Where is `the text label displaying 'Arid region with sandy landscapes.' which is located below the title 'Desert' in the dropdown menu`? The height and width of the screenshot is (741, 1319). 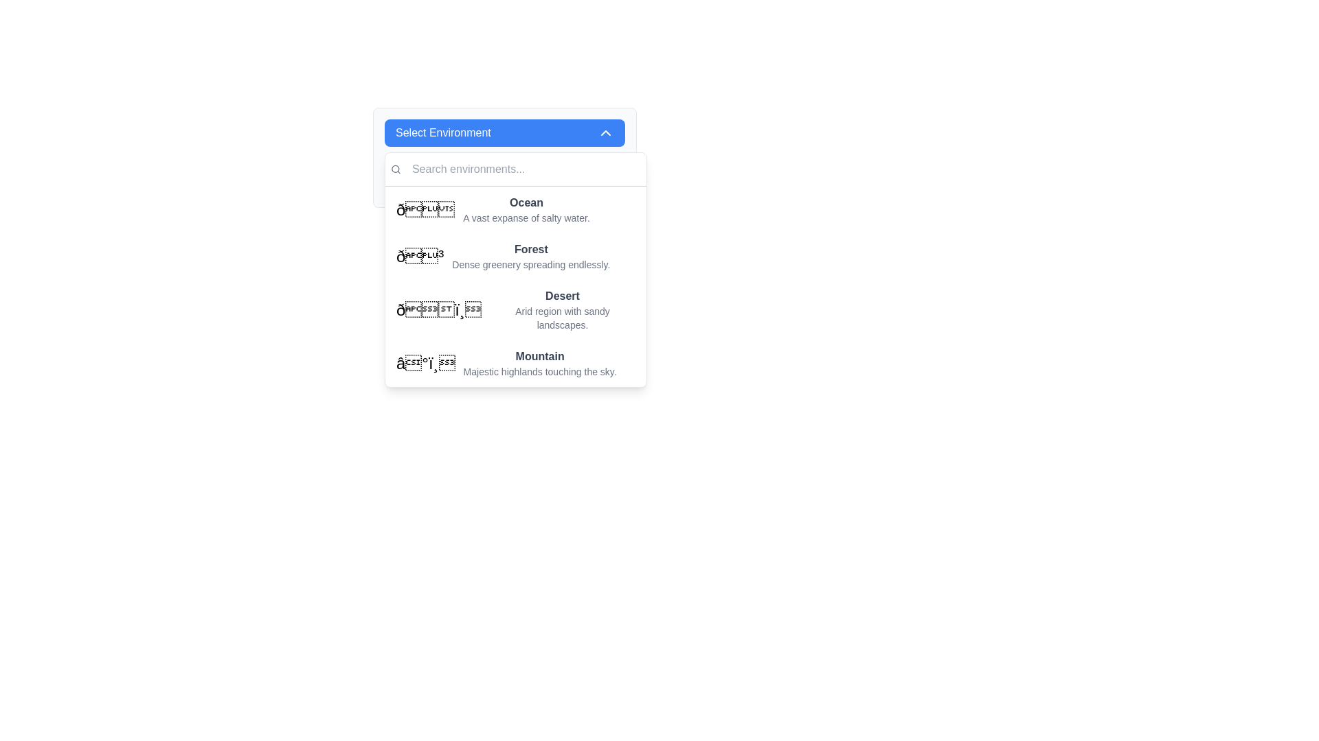
the text label displaying 'Arid region with sandy landscapes.' which is located below the title 'Desert' in the dropdown menu is located at coordinates (563, 318).